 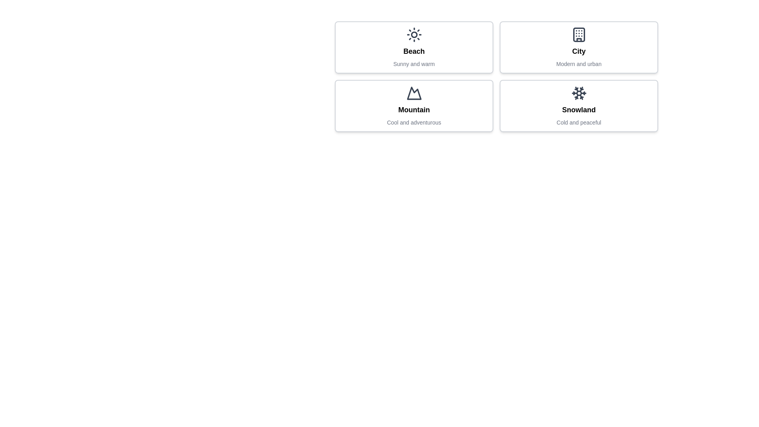 I want to click on the snowflake icon located at the top center of the 'Snowland' card, so click(x=579, y=93).